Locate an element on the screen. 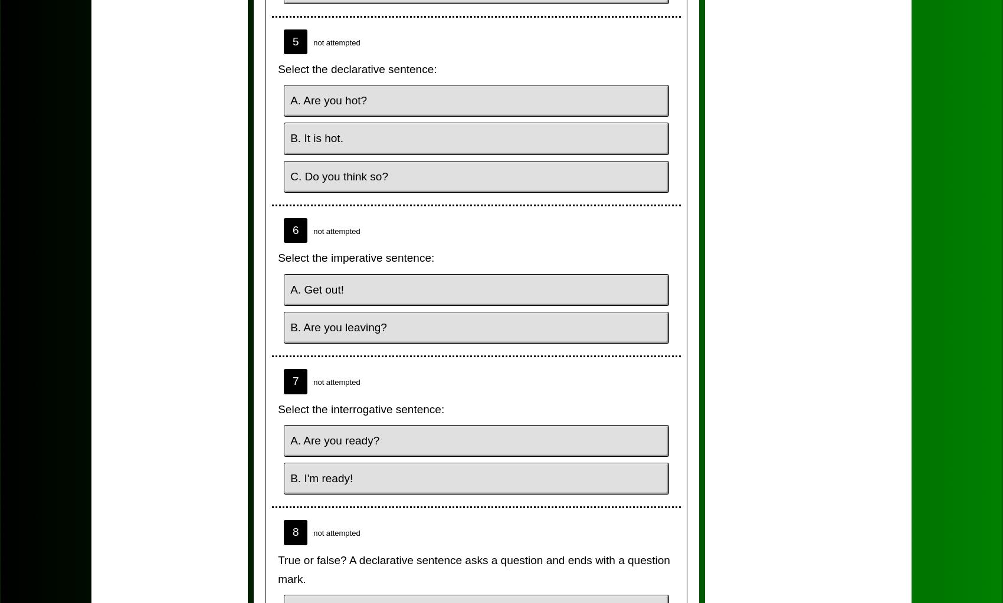 This screenshot has height=603, width=1003. 'True or false? A declarative sentence asks a question and ends with a question mark.' is located at coordinates (473, 569).